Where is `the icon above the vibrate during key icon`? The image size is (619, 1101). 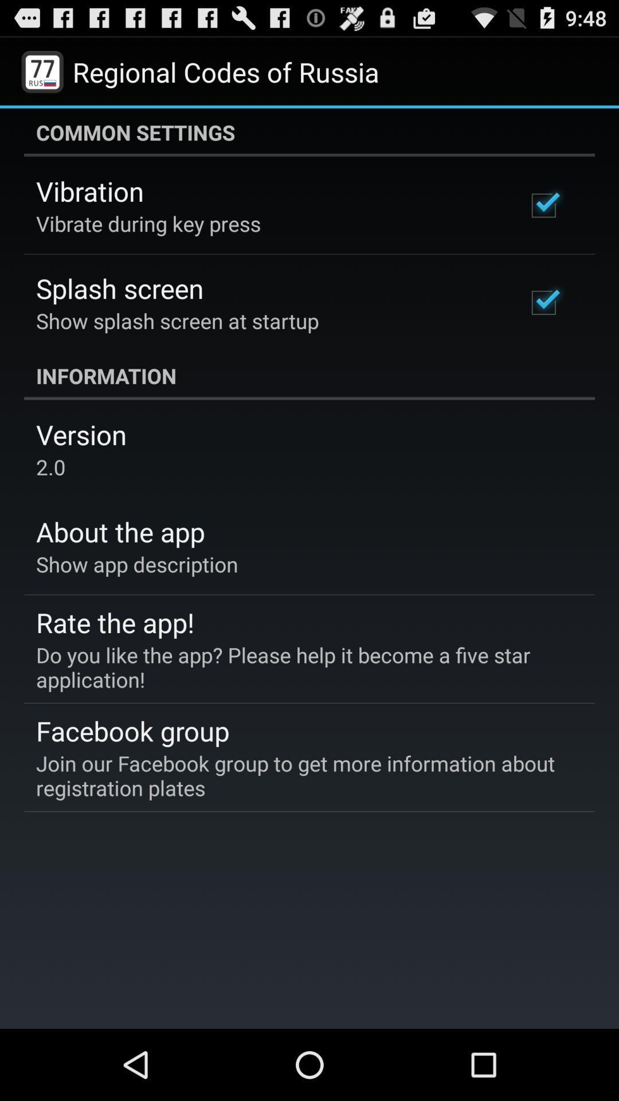
the icon above the vibrate during key icon is located at coordinates (89, 191).